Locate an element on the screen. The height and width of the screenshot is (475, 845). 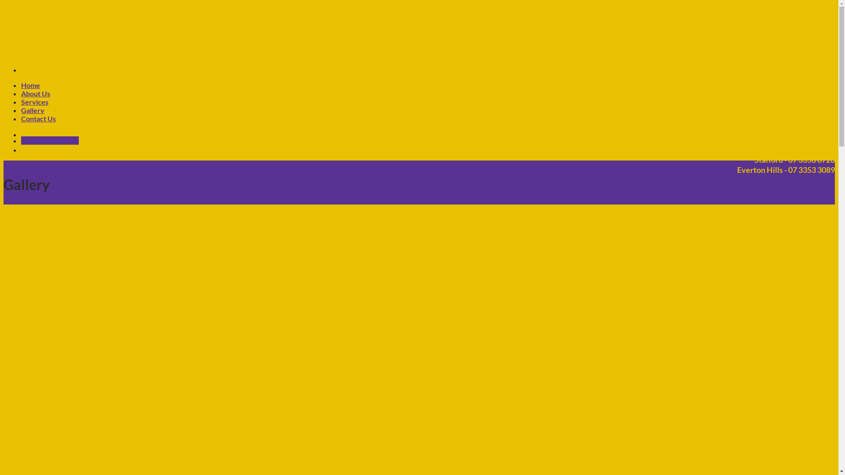
'Contact us' is located at coordinates (62, 140).